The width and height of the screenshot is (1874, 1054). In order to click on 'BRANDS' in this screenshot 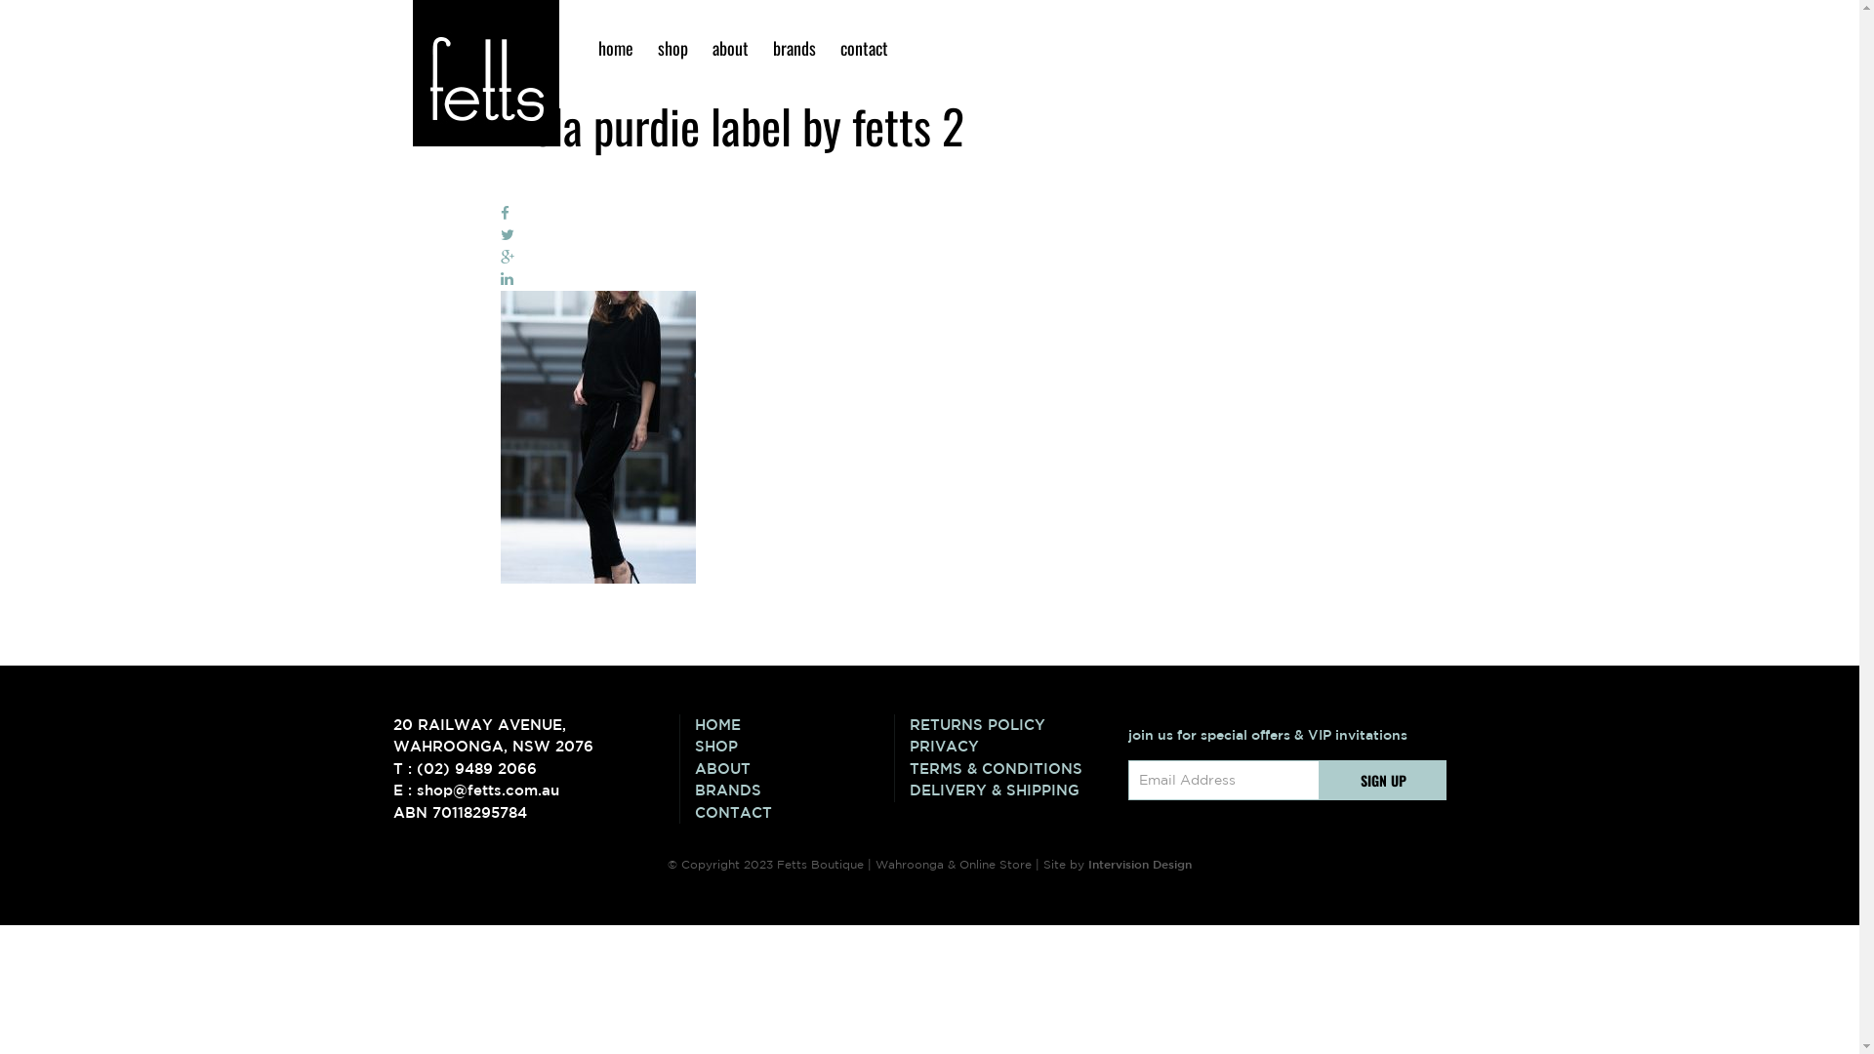, I will do `click(694, 790)`.